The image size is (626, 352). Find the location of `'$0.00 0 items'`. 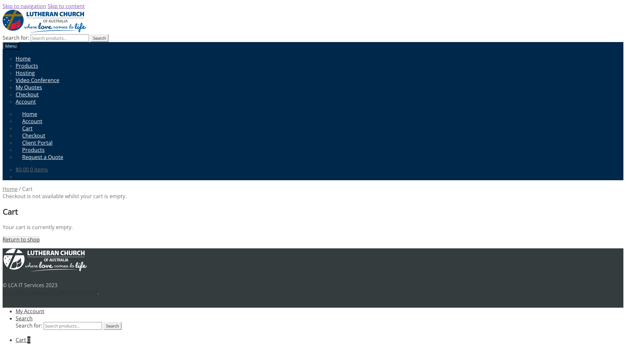

'$0.00 0 items' is located at coordinates (31, 169).